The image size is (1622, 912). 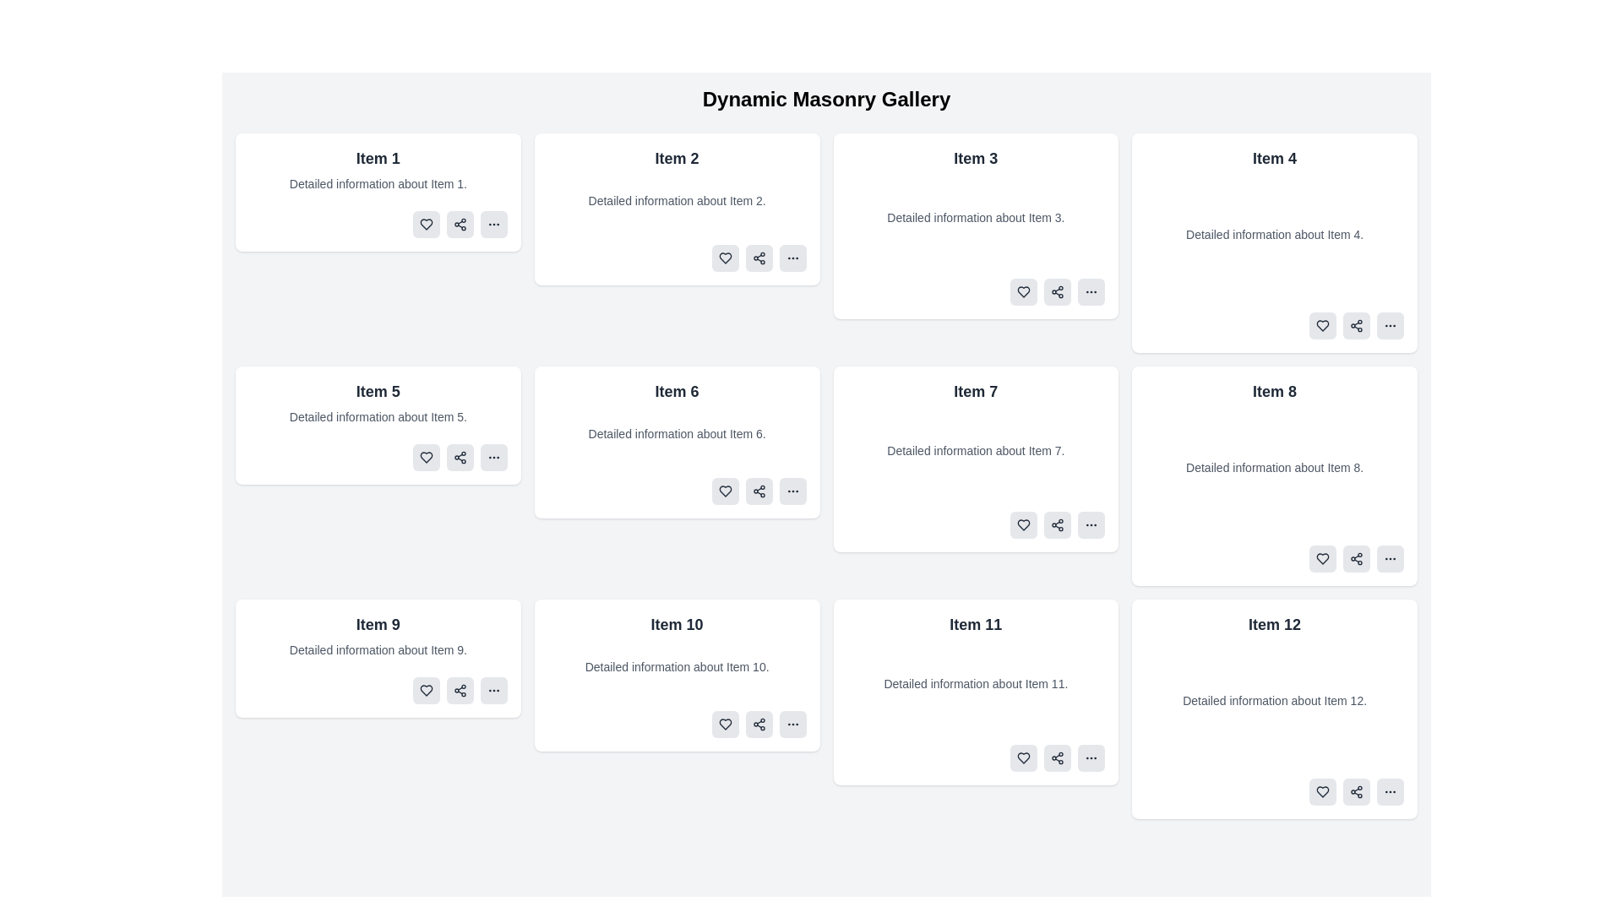 I want to click on the text label that serves as the title or identifier for the content in its respective card, located in the second column of the second row of a grid layout, so click(x=377, y=391).